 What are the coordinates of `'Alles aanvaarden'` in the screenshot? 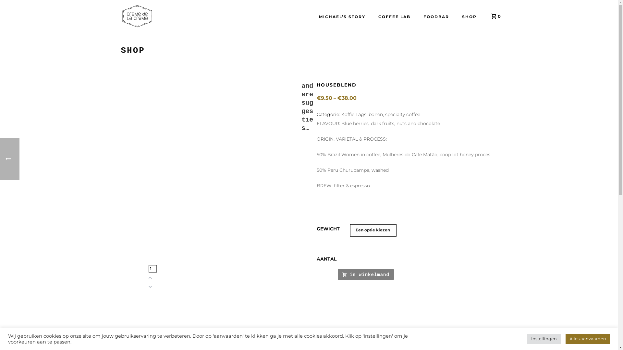 It's located at (588, 338).